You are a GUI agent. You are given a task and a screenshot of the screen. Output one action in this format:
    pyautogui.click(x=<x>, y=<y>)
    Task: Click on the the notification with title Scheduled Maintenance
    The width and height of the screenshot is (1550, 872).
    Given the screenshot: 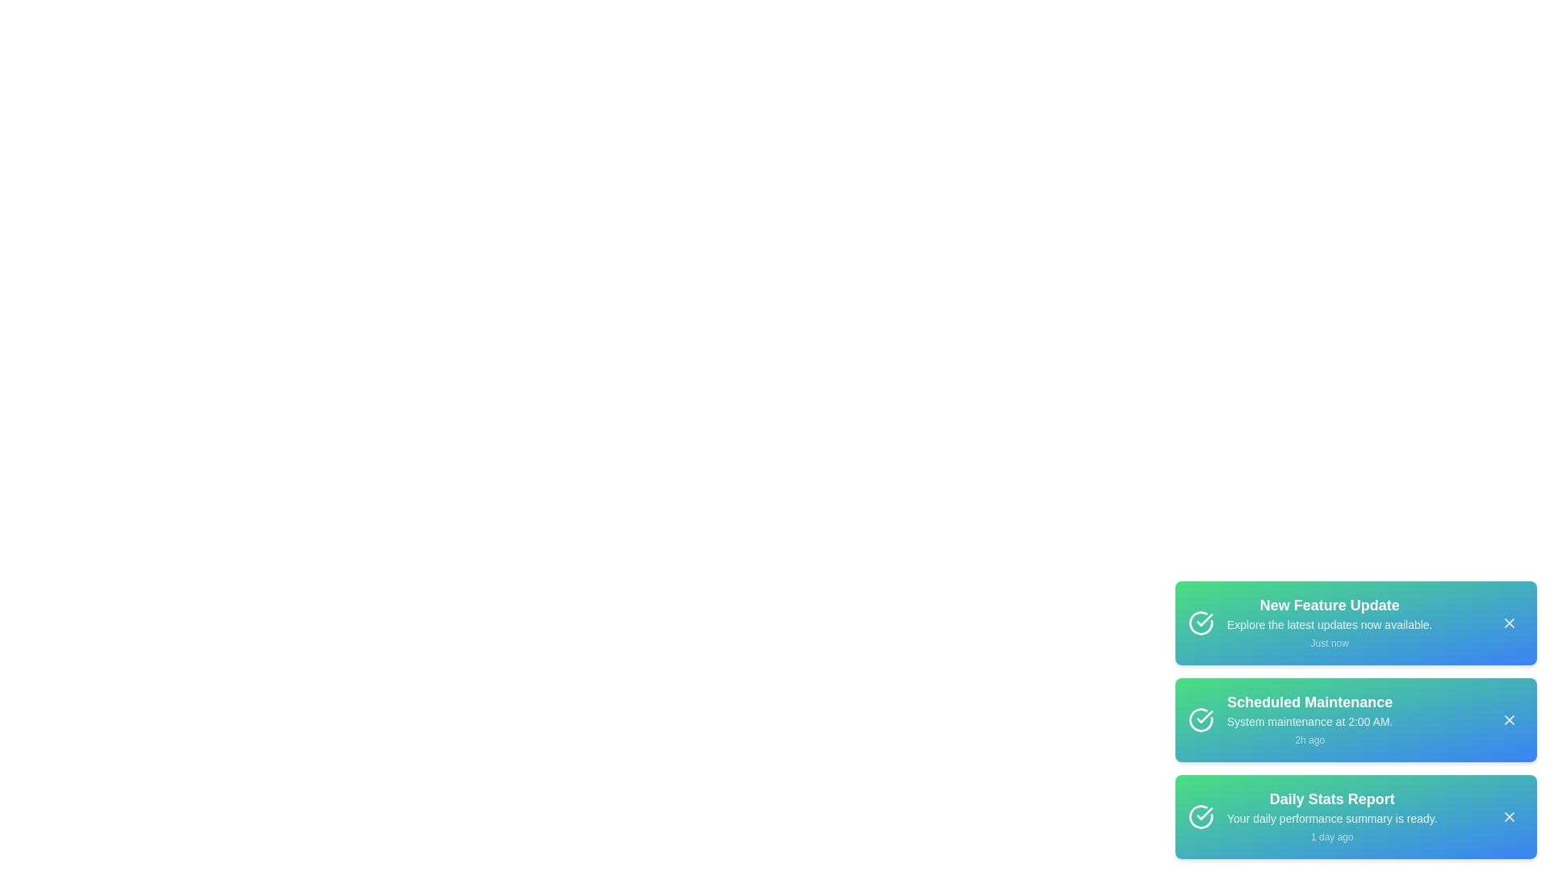 What is the action you would take?
    pyautogui.click(x=1356, y=719)
    